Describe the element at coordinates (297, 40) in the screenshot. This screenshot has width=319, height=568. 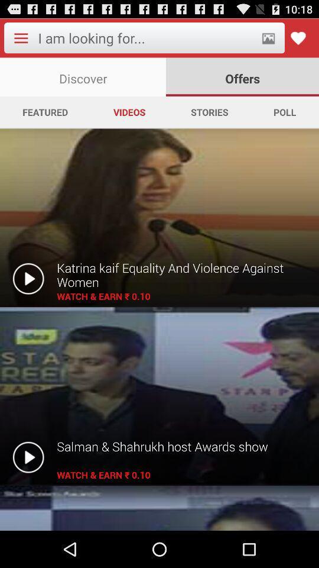
I see `the favorite icon` at that location.